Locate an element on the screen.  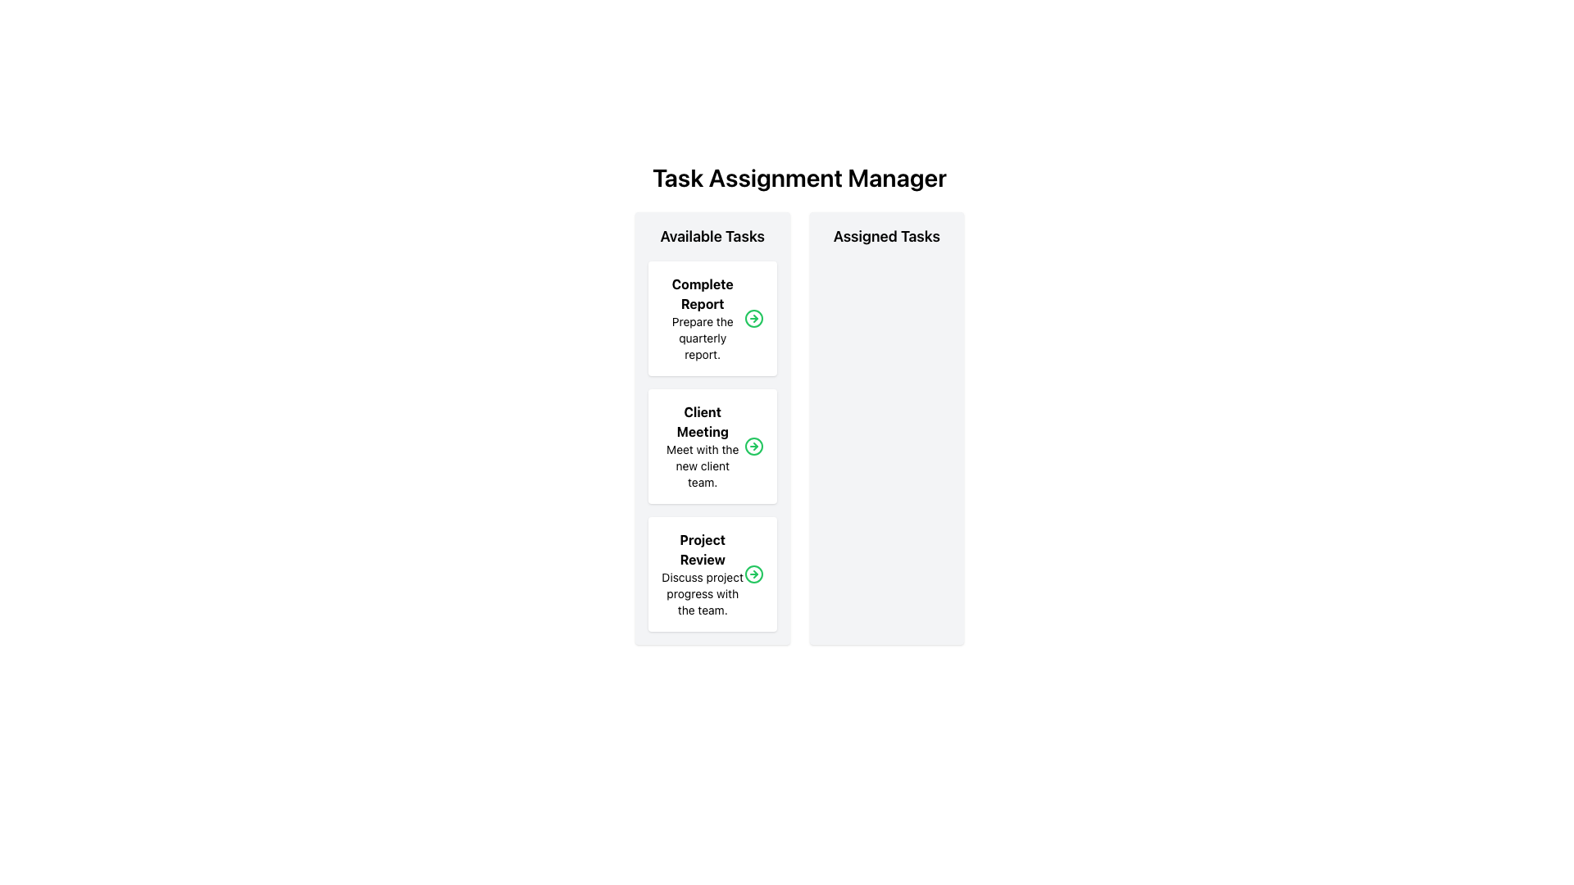
the Label text that serves as a title for the 'Available Tasks' section, positioned at the top-left corner of the section is located at coordinates (712, 237).